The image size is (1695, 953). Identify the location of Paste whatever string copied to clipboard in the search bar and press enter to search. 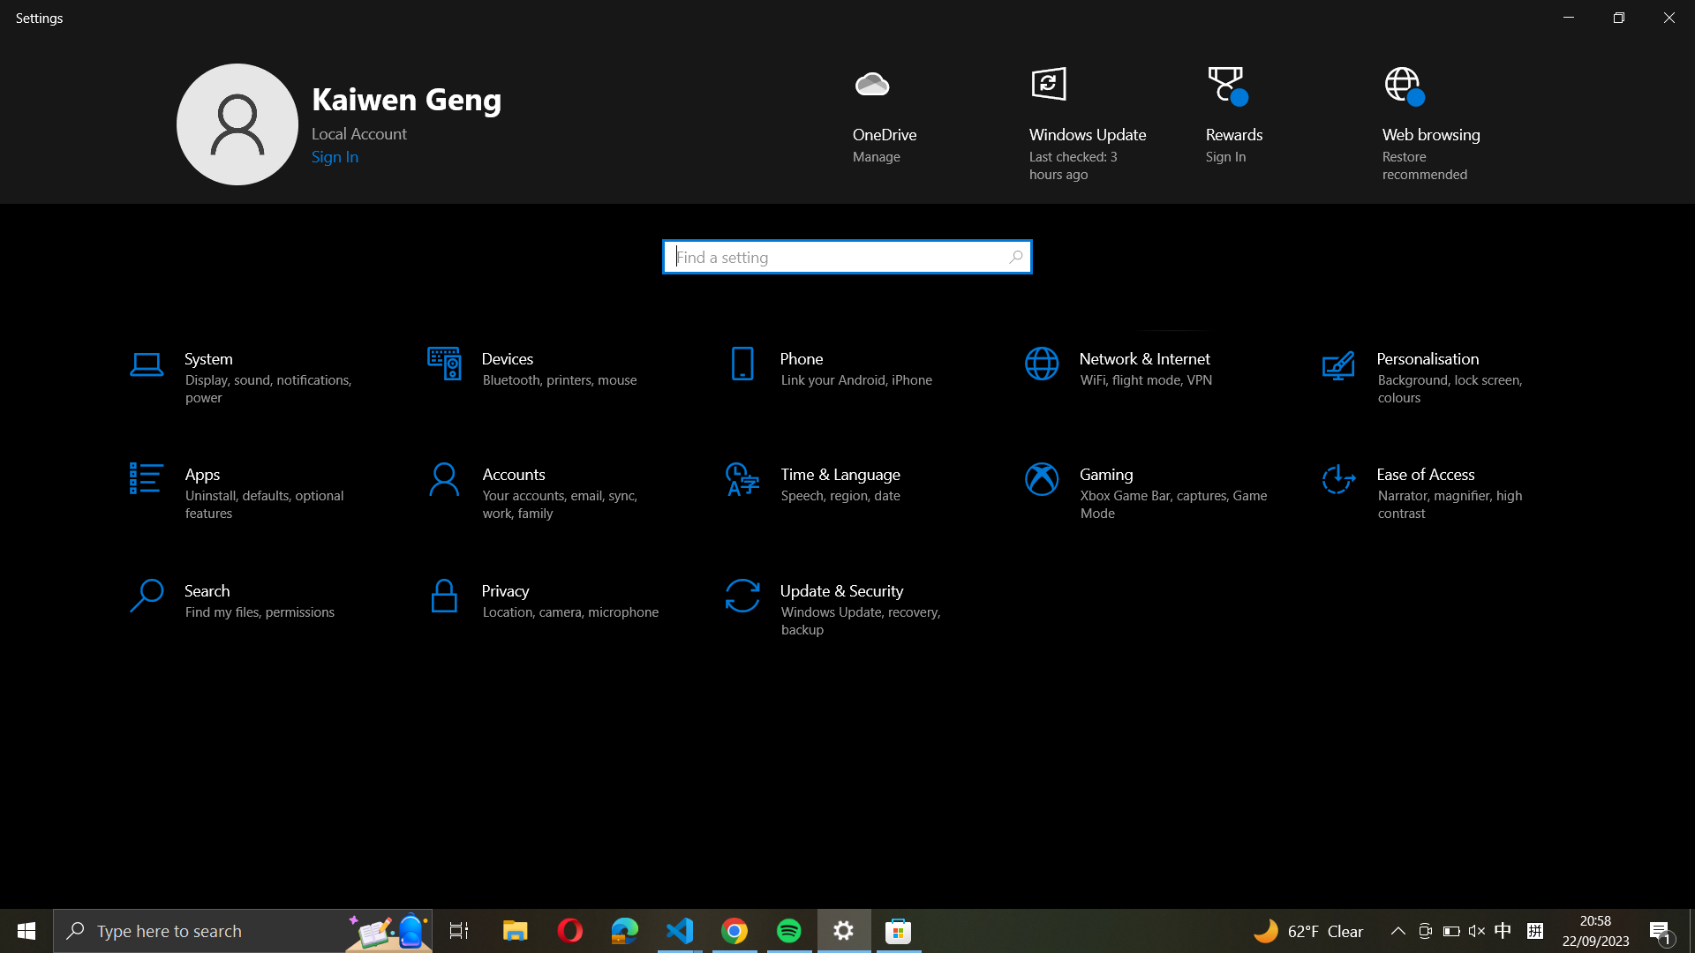
(846, 255).